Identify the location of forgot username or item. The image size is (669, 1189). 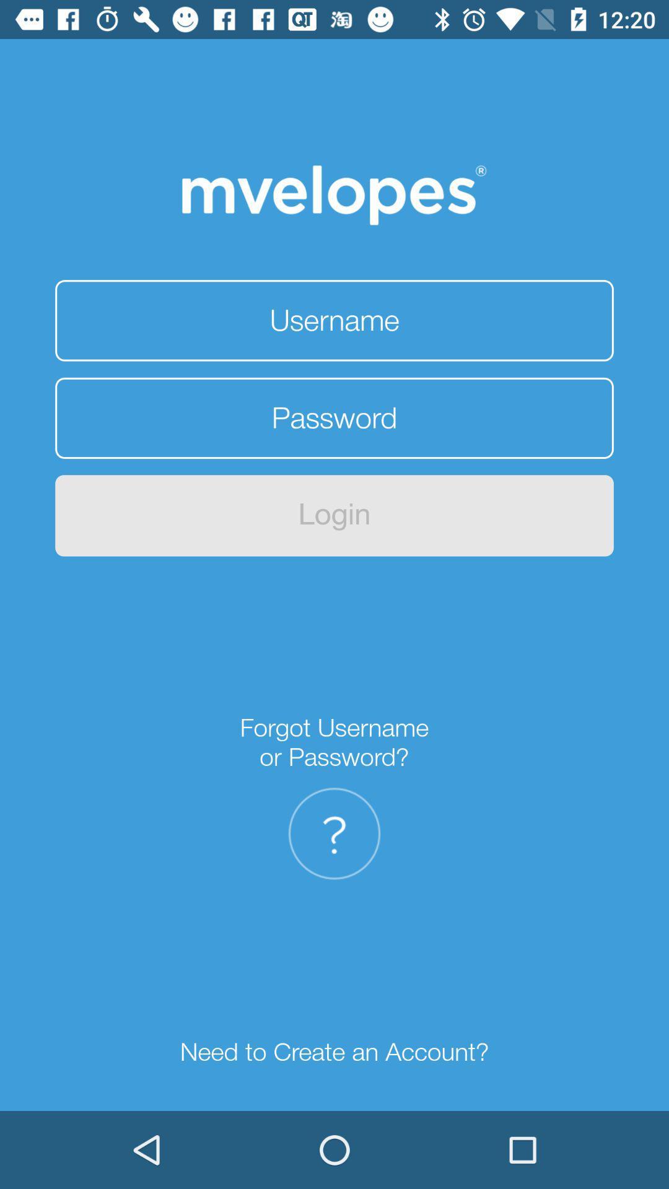
(334, 743).